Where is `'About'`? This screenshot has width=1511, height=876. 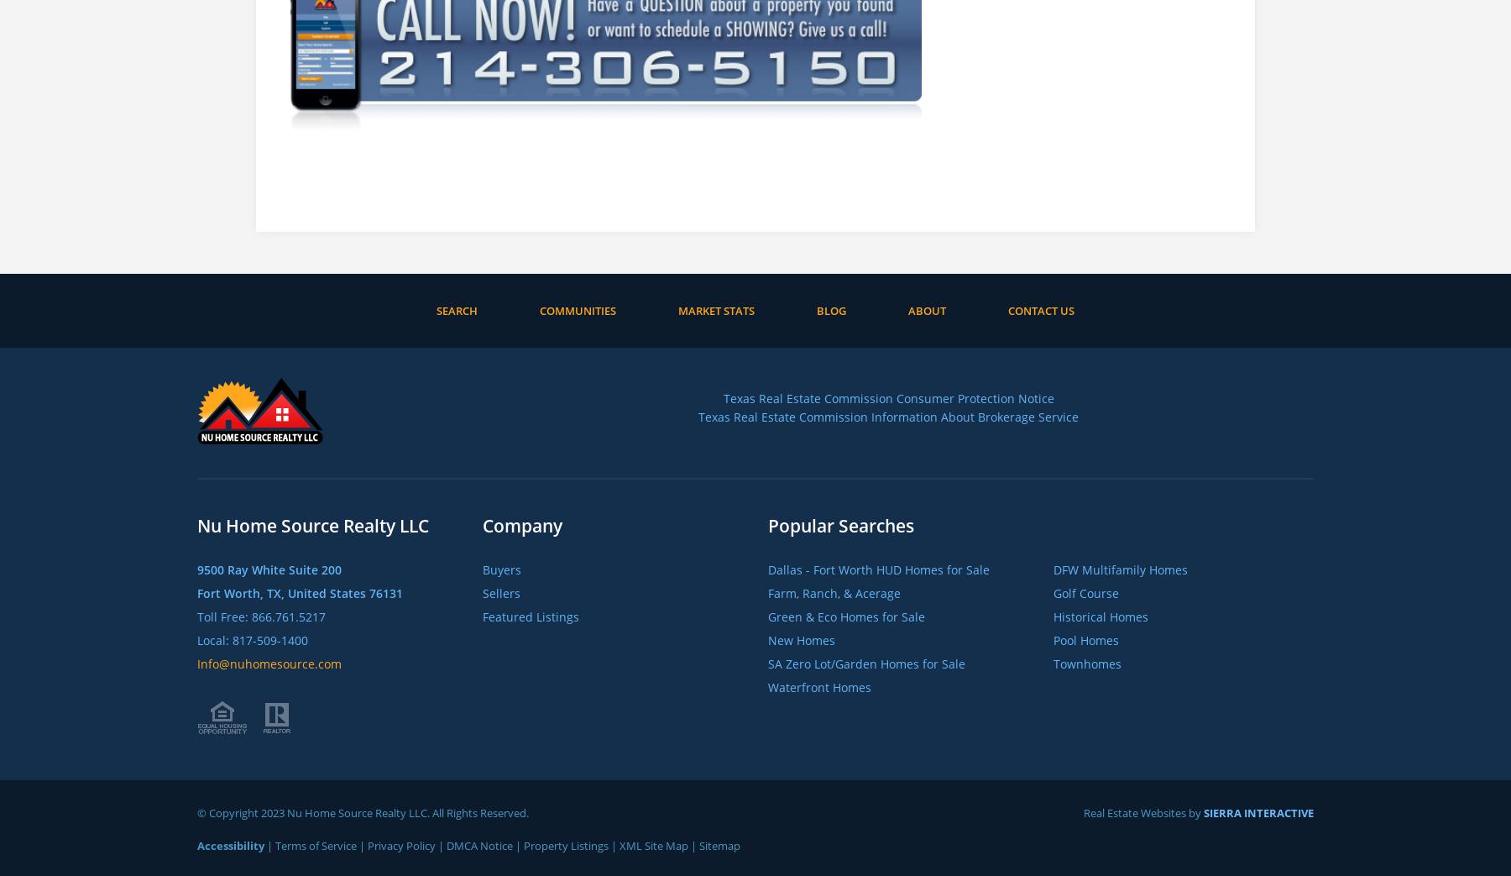 'About' is located at coordinates (907, 309).